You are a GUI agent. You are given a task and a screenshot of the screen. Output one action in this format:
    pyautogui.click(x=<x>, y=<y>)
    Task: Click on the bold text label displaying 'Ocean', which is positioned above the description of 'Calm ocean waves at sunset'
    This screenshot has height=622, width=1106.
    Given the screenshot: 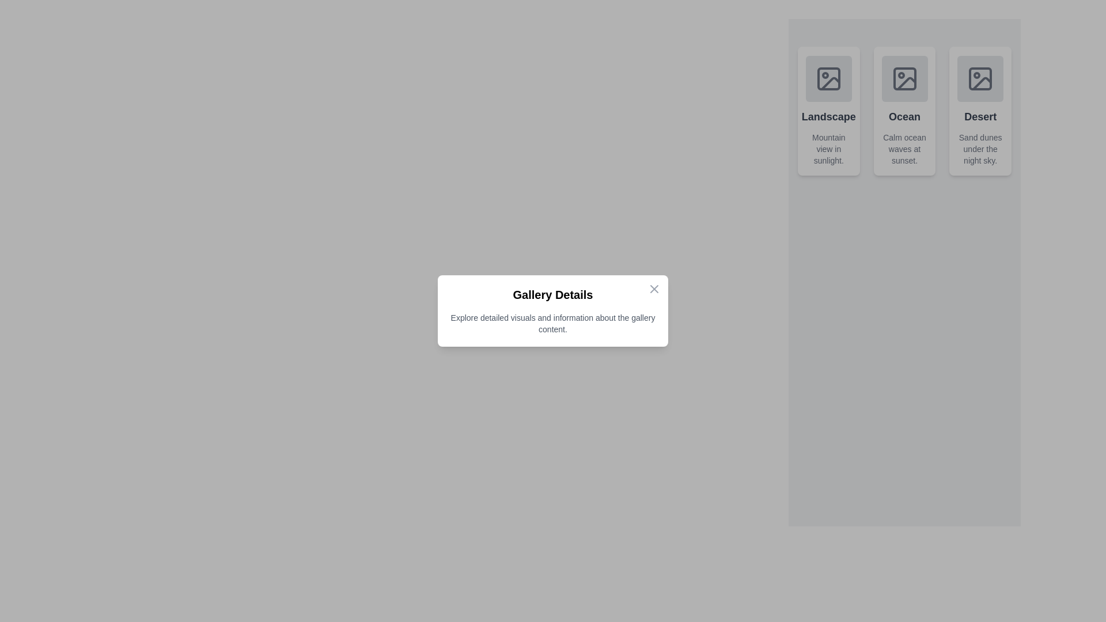 What is the action you would take?
    pyautogui.click(x=904, y=117)
    